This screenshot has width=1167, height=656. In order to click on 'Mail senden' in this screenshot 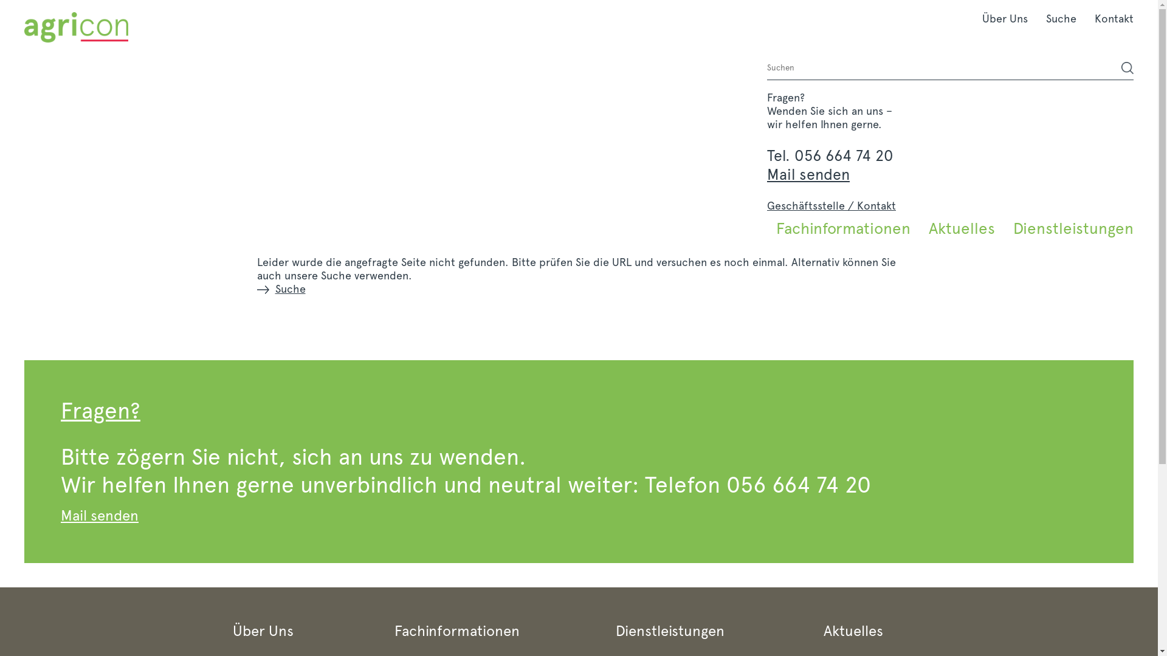, I will do `click(808, 174)`.